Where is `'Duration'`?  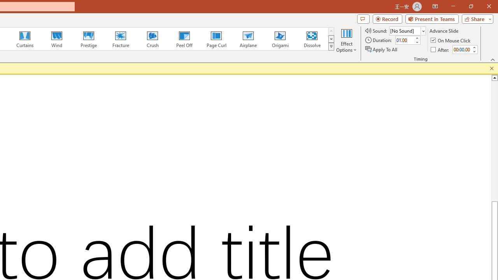 'Duration' is located at coordinates (405, 40).